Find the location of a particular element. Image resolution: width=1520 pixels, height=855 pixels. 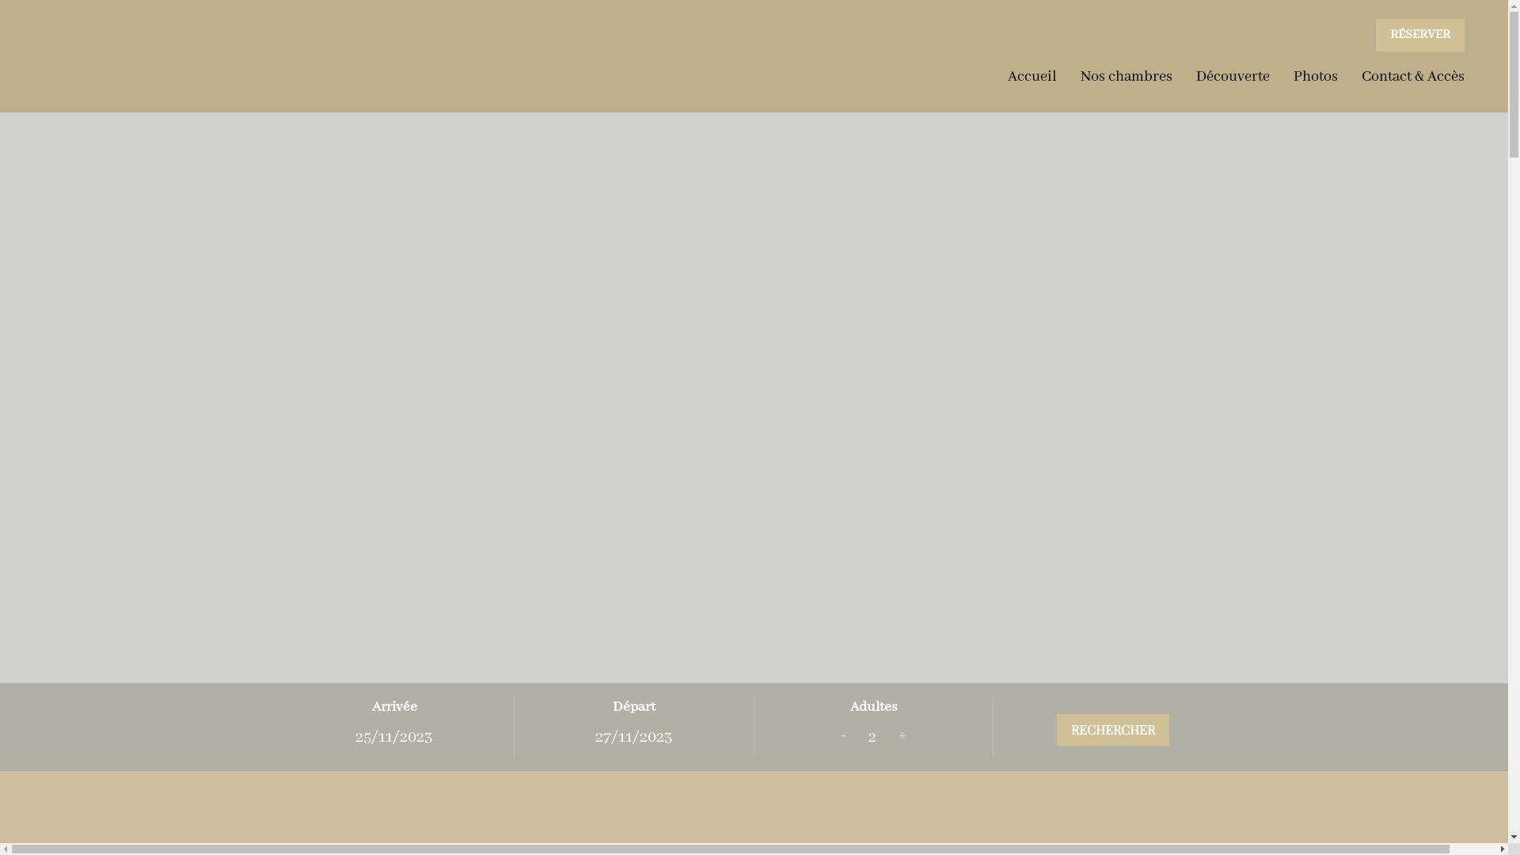

'Nos chambres' is located at coordinates (1125, 76).